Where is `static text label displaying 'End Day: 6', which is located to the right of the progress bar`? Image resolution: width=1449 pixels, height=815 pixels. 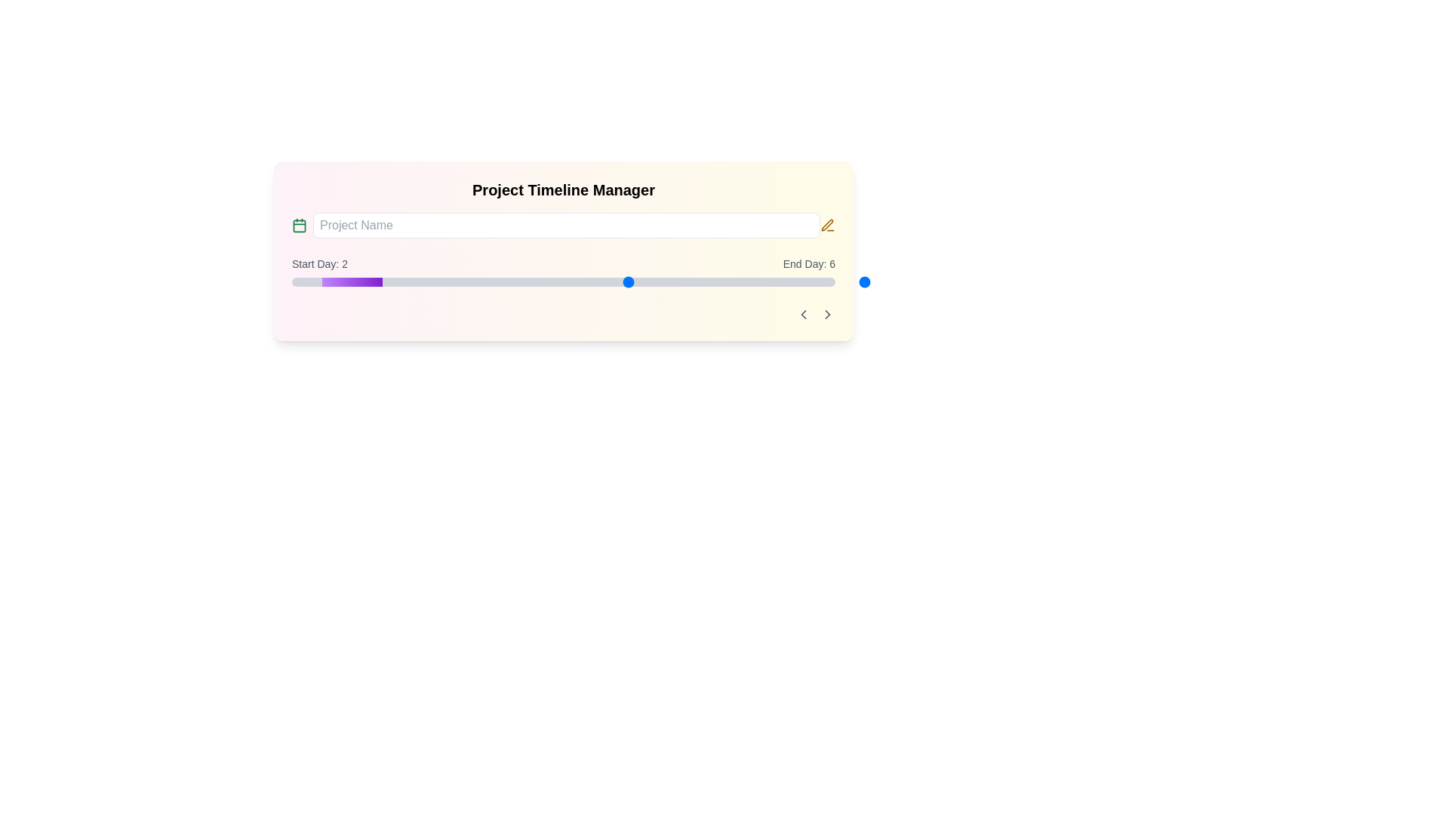
static text label displaying 'End Day: 6', which is located to the right of the progress bar is located at coordinates (808, 263).